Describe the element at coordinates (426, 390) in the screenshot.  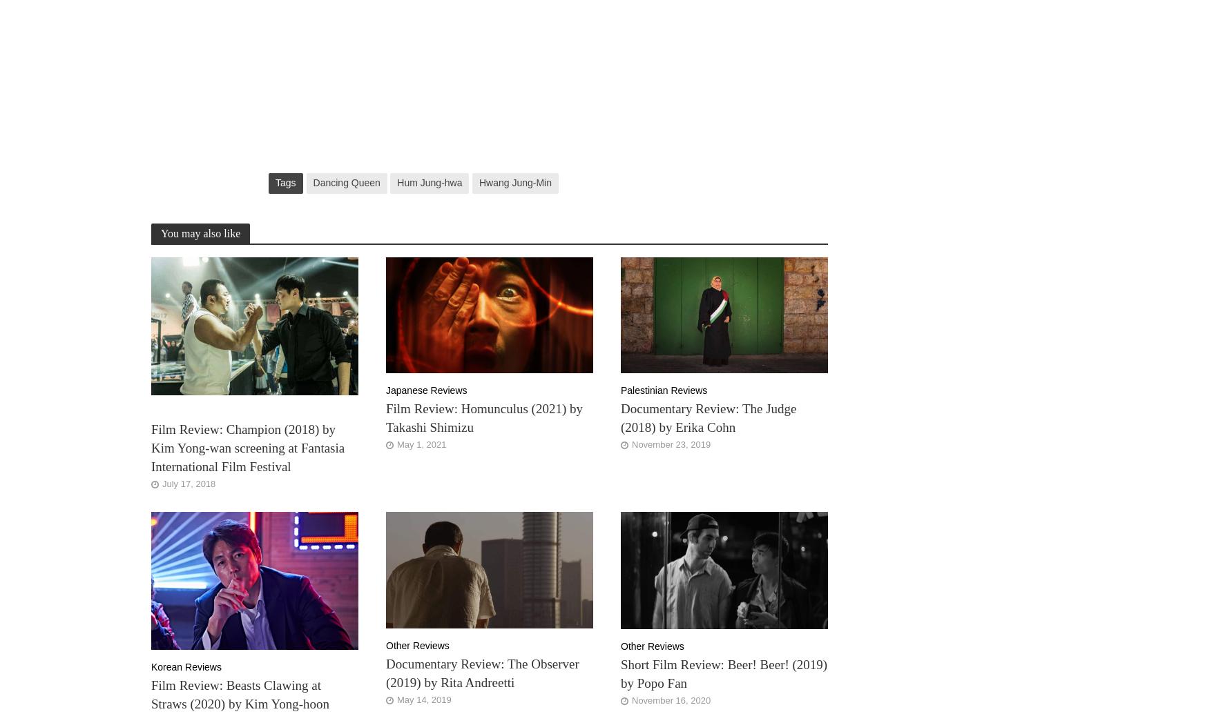
I see `'Japanese Reviews'` at that location.